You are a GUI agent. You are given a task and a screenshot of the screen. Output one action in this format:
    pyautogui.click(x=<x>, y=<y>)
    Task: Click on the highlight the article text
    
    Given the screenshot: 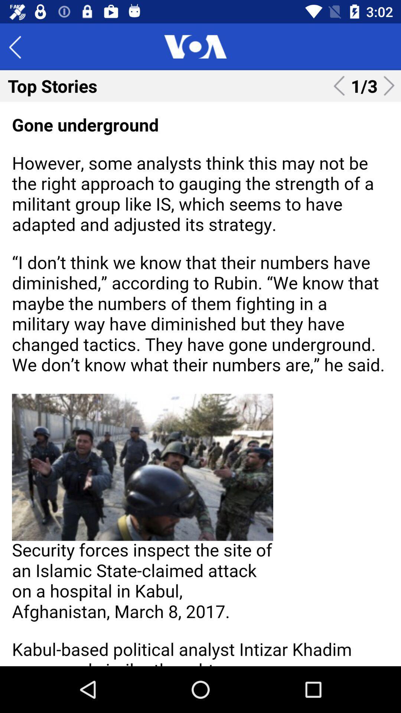 What is the action you would take?
    pyautogui.click(x=200, y=384)
    